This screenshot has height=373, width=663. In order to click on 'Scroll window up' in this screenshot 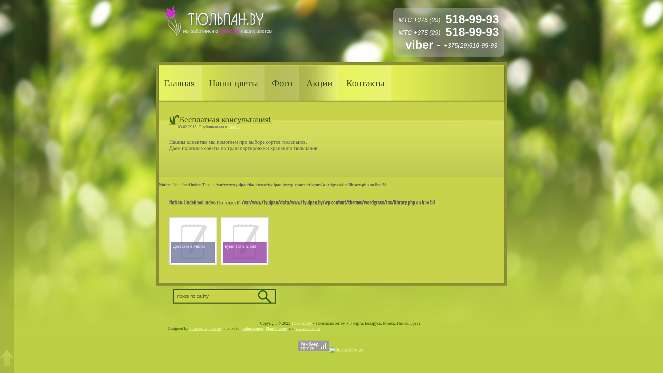, I will do `click(7, 357)`.